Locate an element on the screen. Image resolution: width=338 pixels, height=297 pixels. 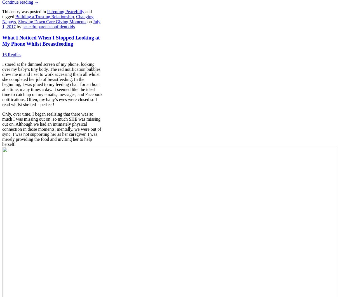
'This entry was posted in' is located at coordinates (24, 11).